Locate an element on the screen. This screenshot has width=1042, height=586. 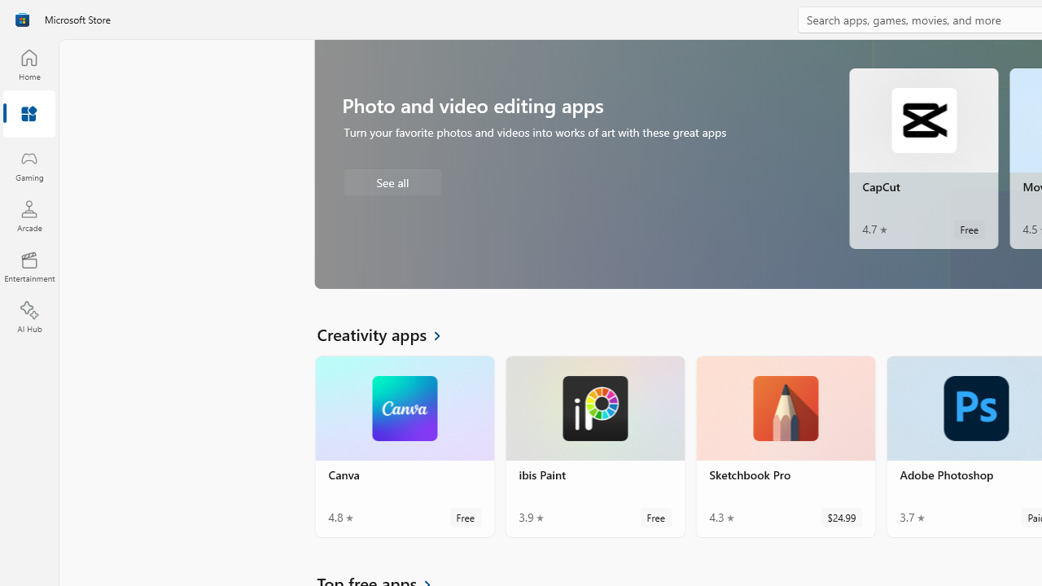
'Canva. Average rating of 4.8 out of five stars. Free  ' is located at coordinates (405, 447).